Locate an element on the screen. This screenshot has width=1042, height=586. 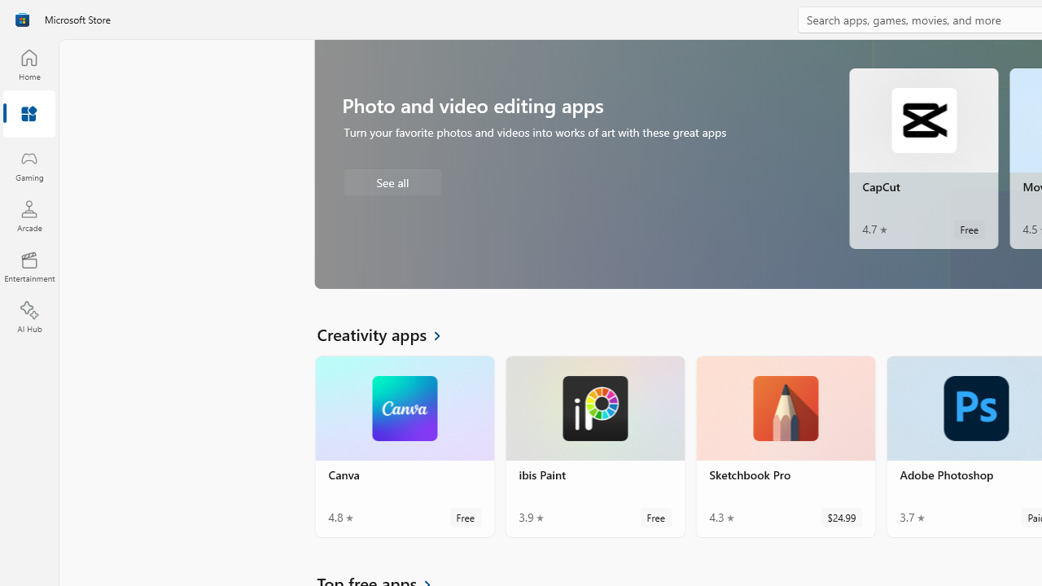
'Canva. Average rating of 4.8 out of five stars. Free  ' is located at coordinates (405, 447).